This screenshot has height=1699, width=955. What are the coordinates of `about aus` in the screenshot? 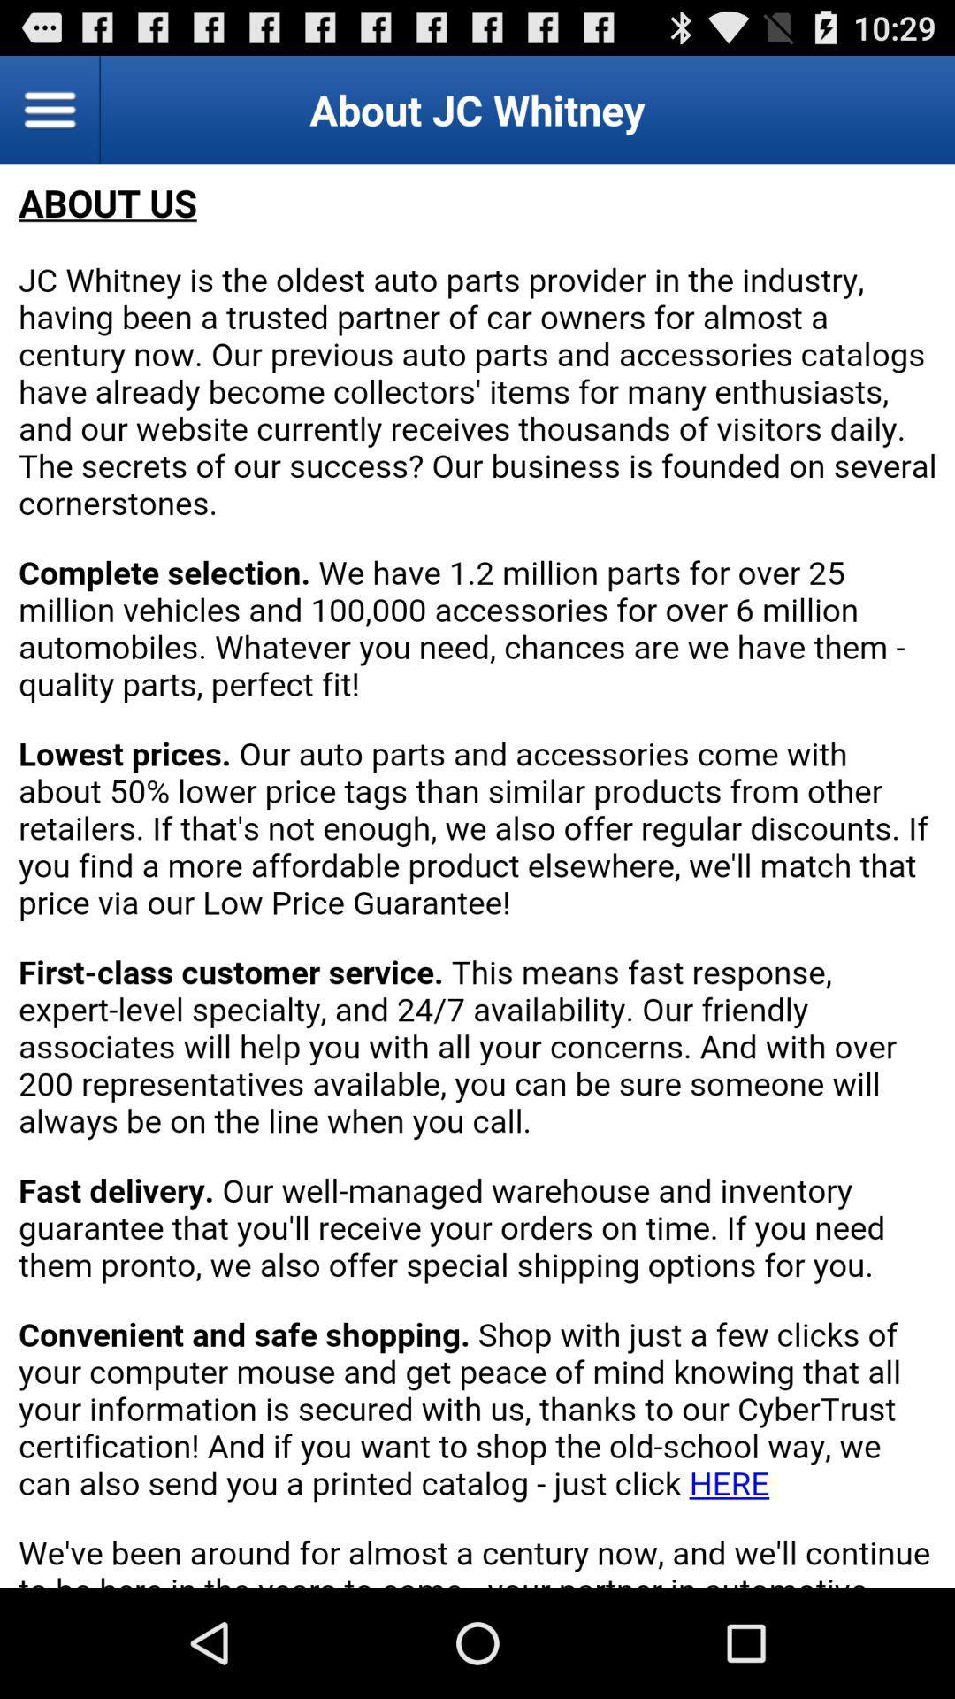 It's located at (477, 875).